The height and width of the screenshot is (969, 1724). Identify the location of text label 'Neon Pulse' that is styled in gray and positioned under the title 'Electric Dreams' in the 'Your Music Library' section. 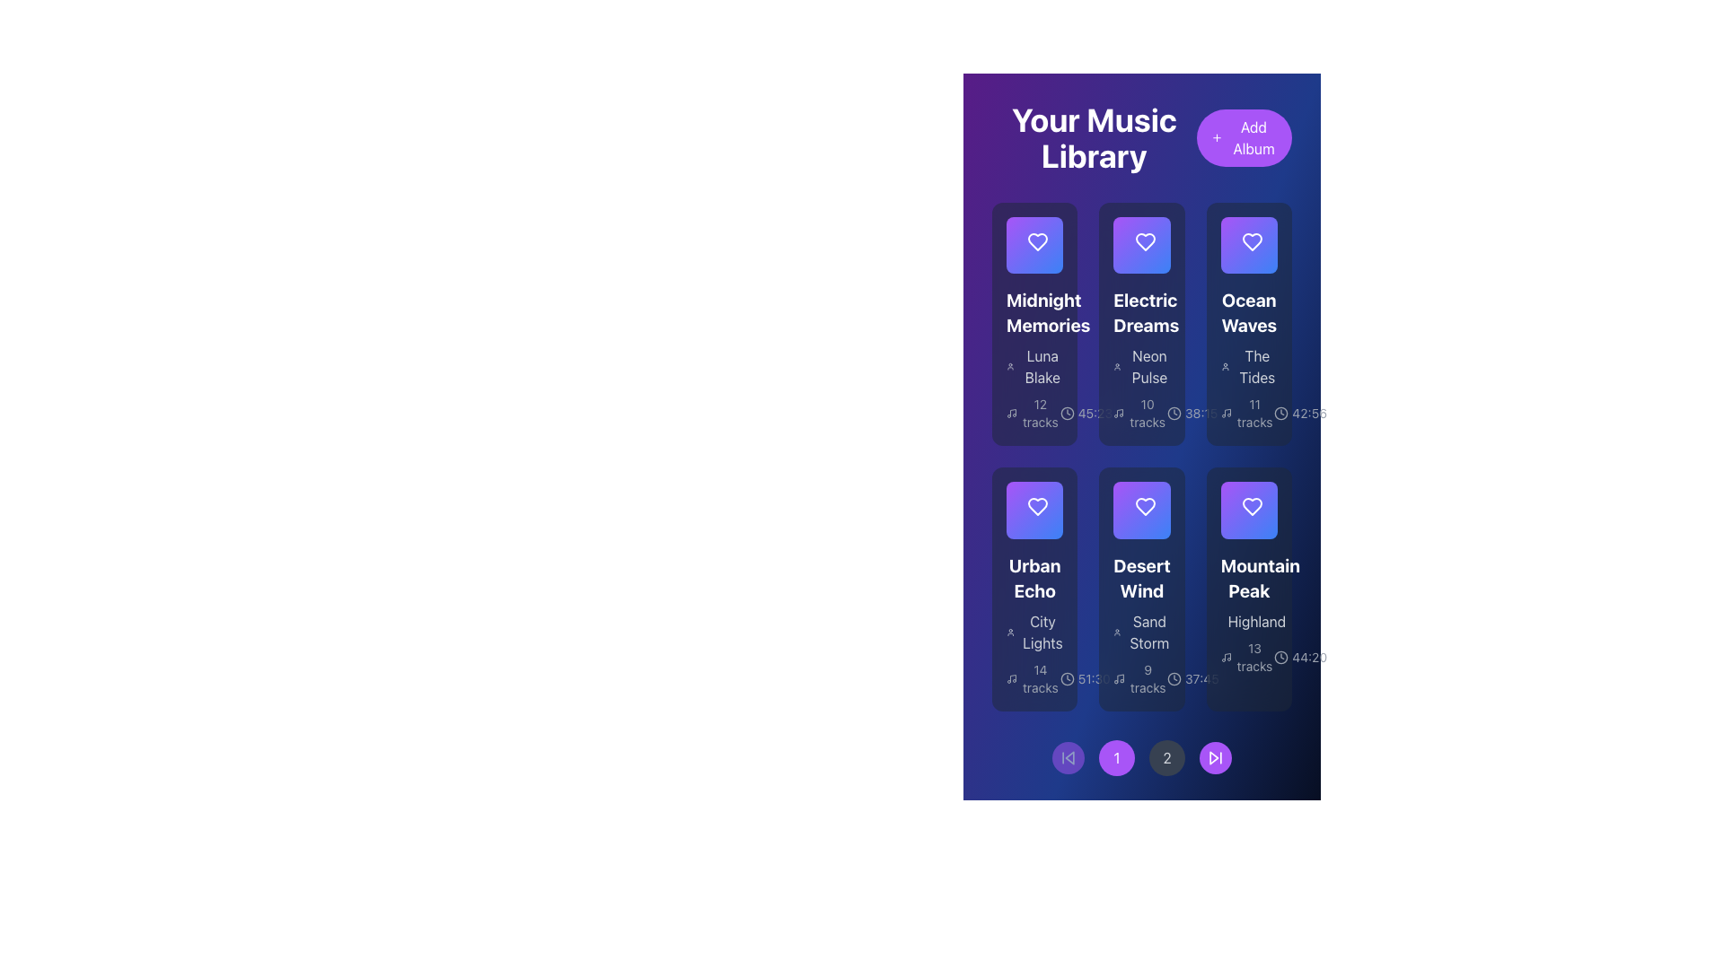
(1141, 366).